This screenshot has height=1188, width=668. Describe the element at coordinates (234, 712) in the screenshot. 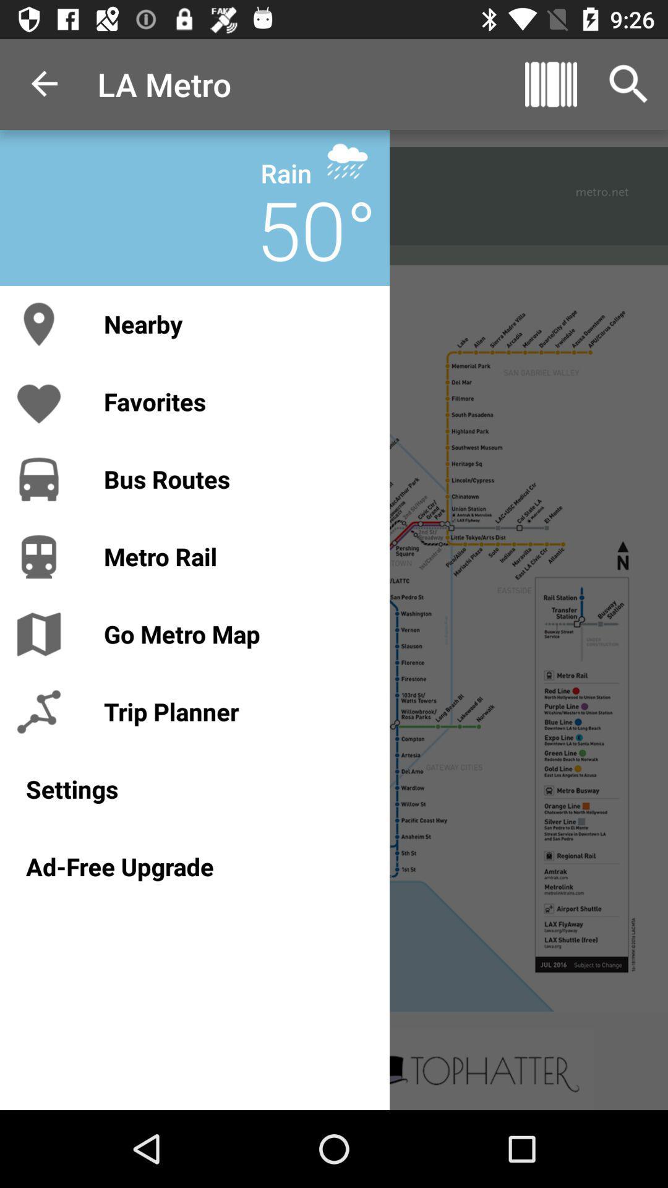

I see `trip planner item` at that location.